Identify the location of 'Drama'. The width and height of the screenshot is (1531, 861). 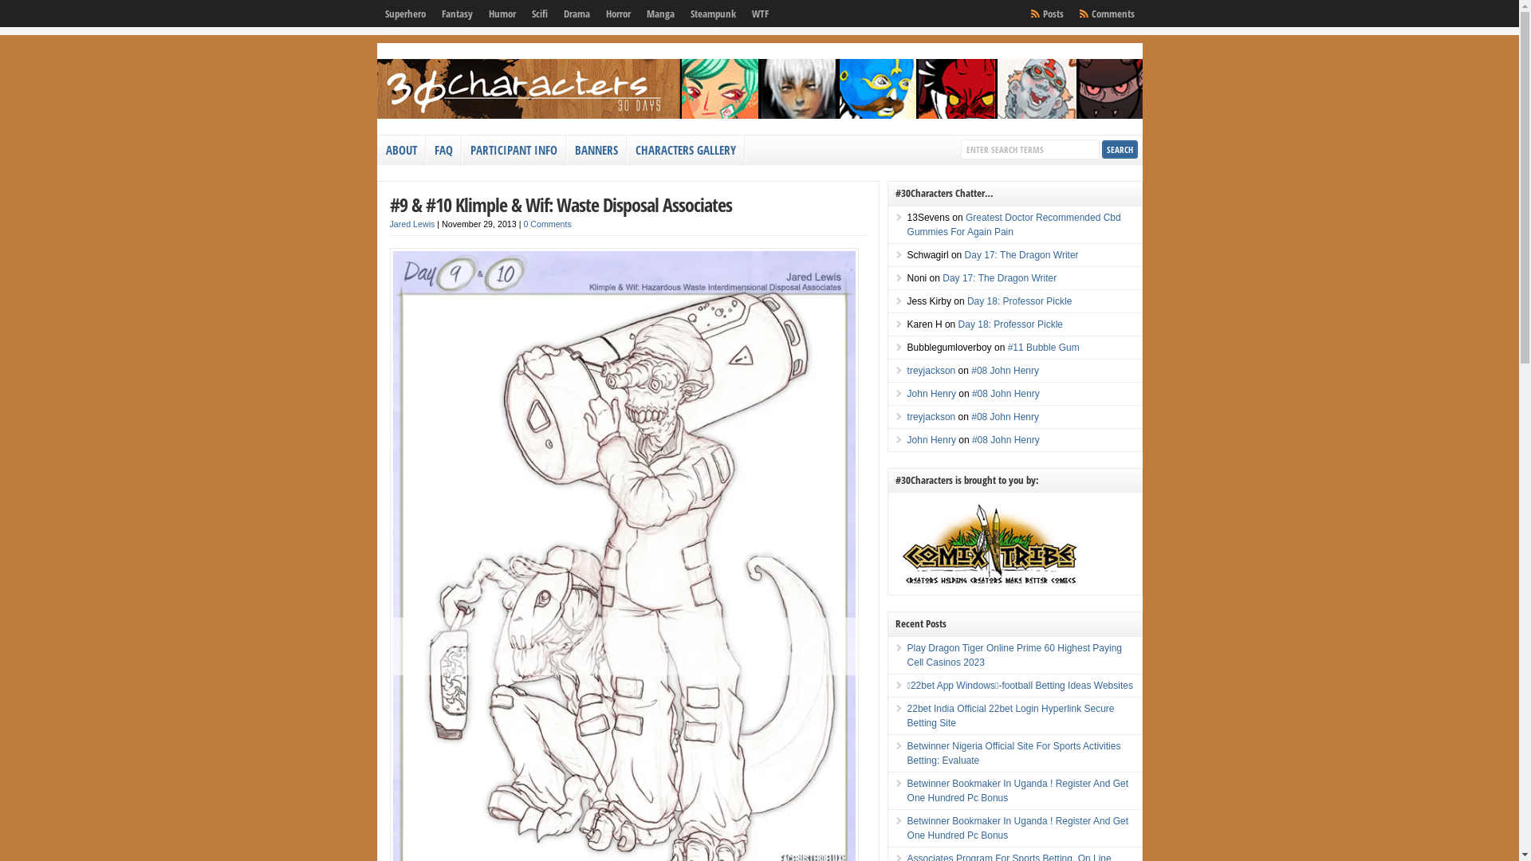
(575, 13).